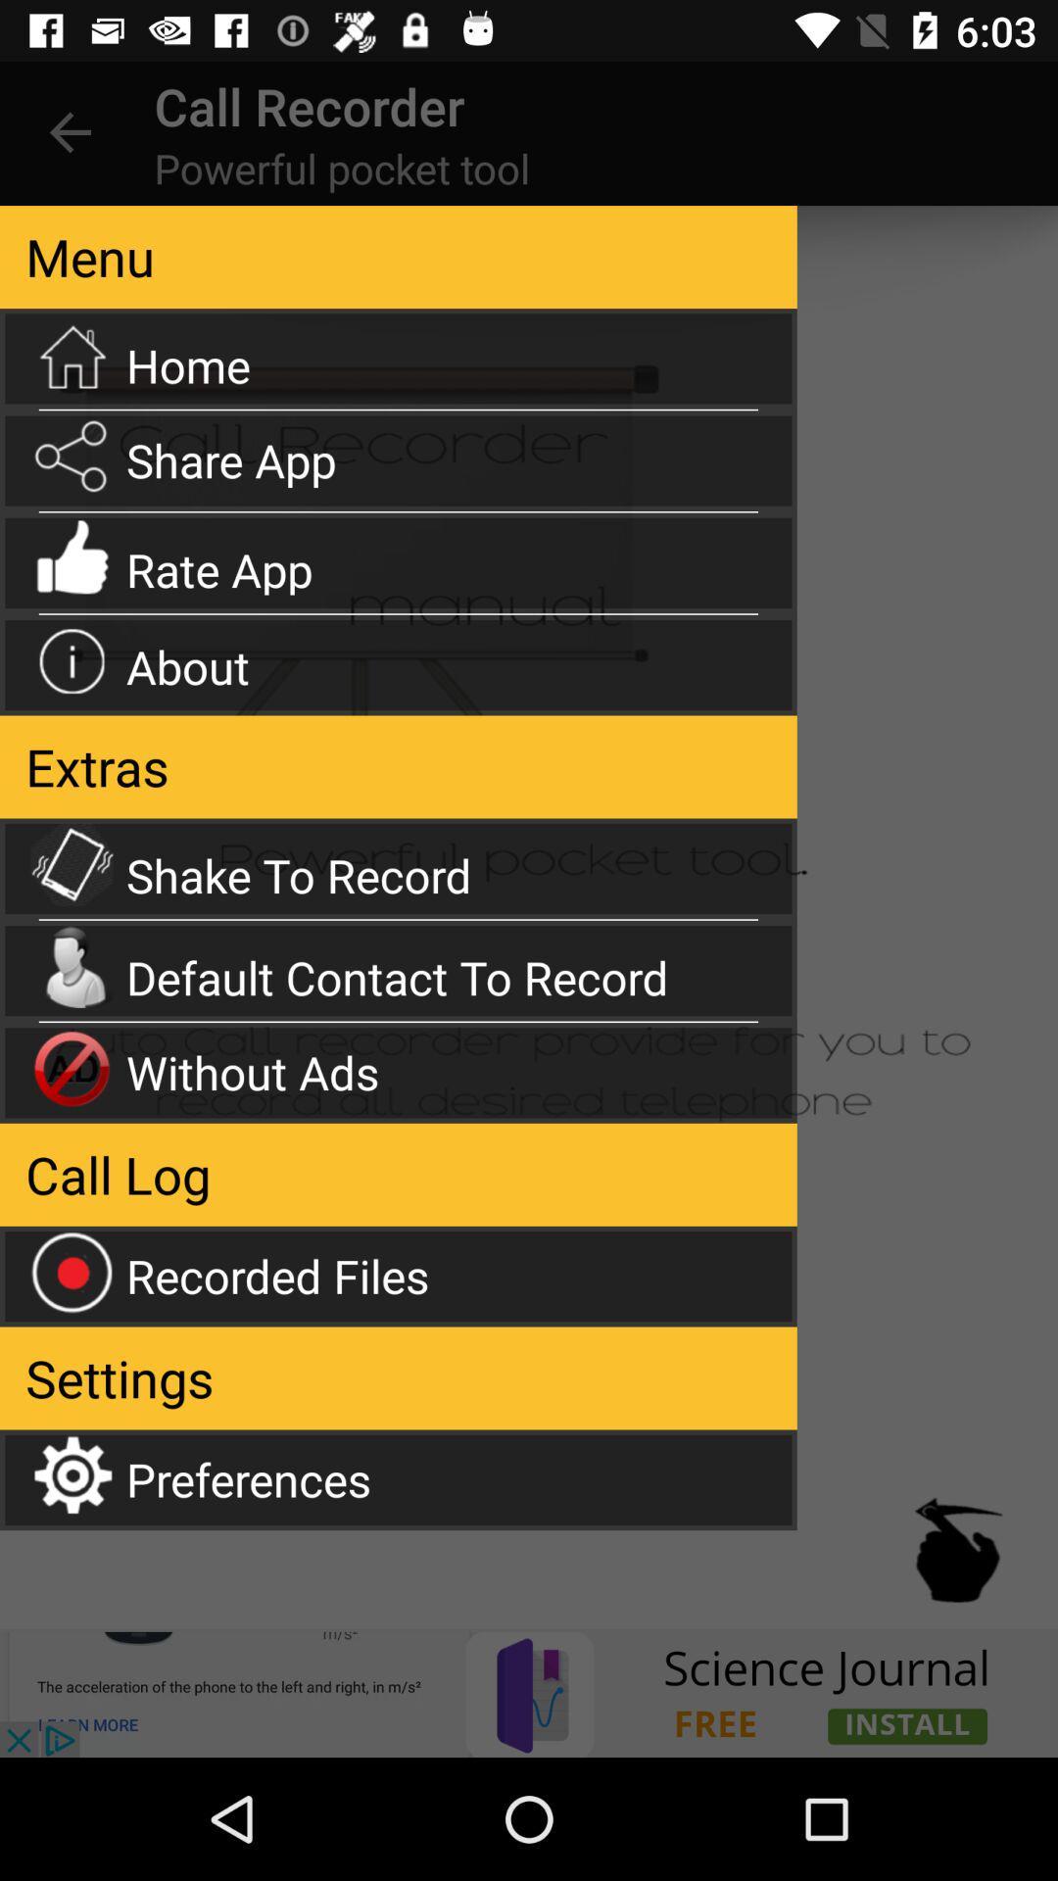 This screenshot has width=1058, height=1881. I want to click on advertiser 's website, so click(529, 1692).